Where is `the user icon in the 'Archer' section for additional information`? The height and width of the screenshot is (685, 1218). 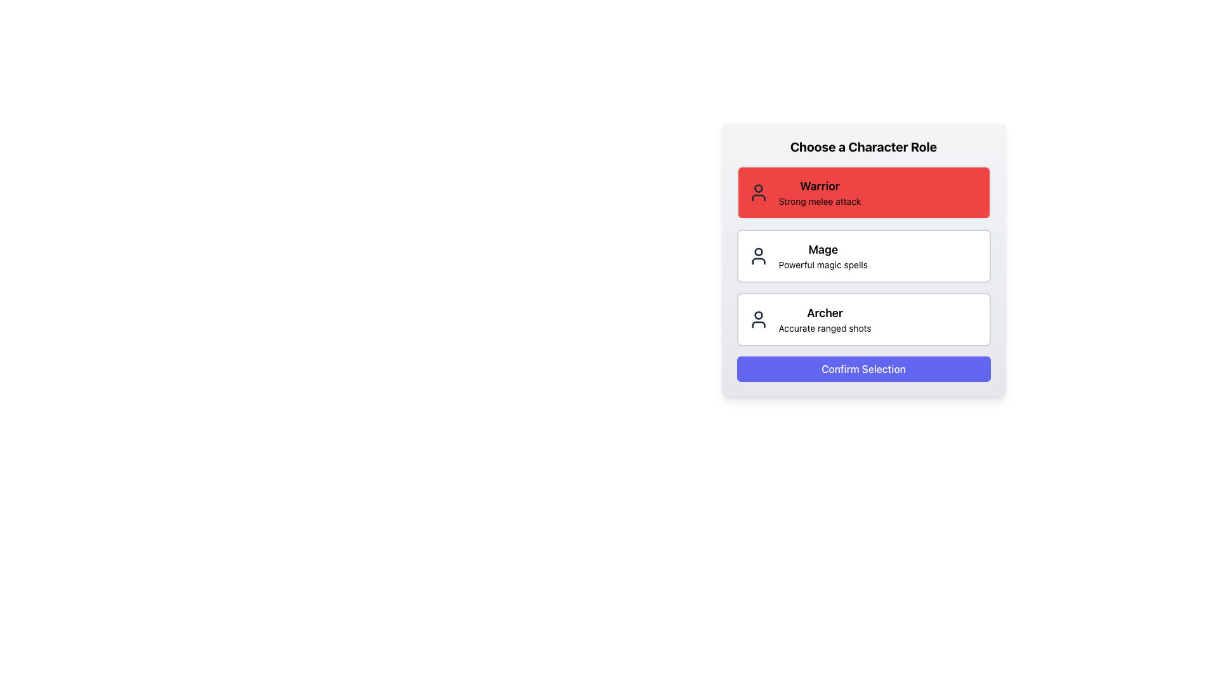 the user icon in the 'Archer' section for additional information is located at coordinates (758, 319).